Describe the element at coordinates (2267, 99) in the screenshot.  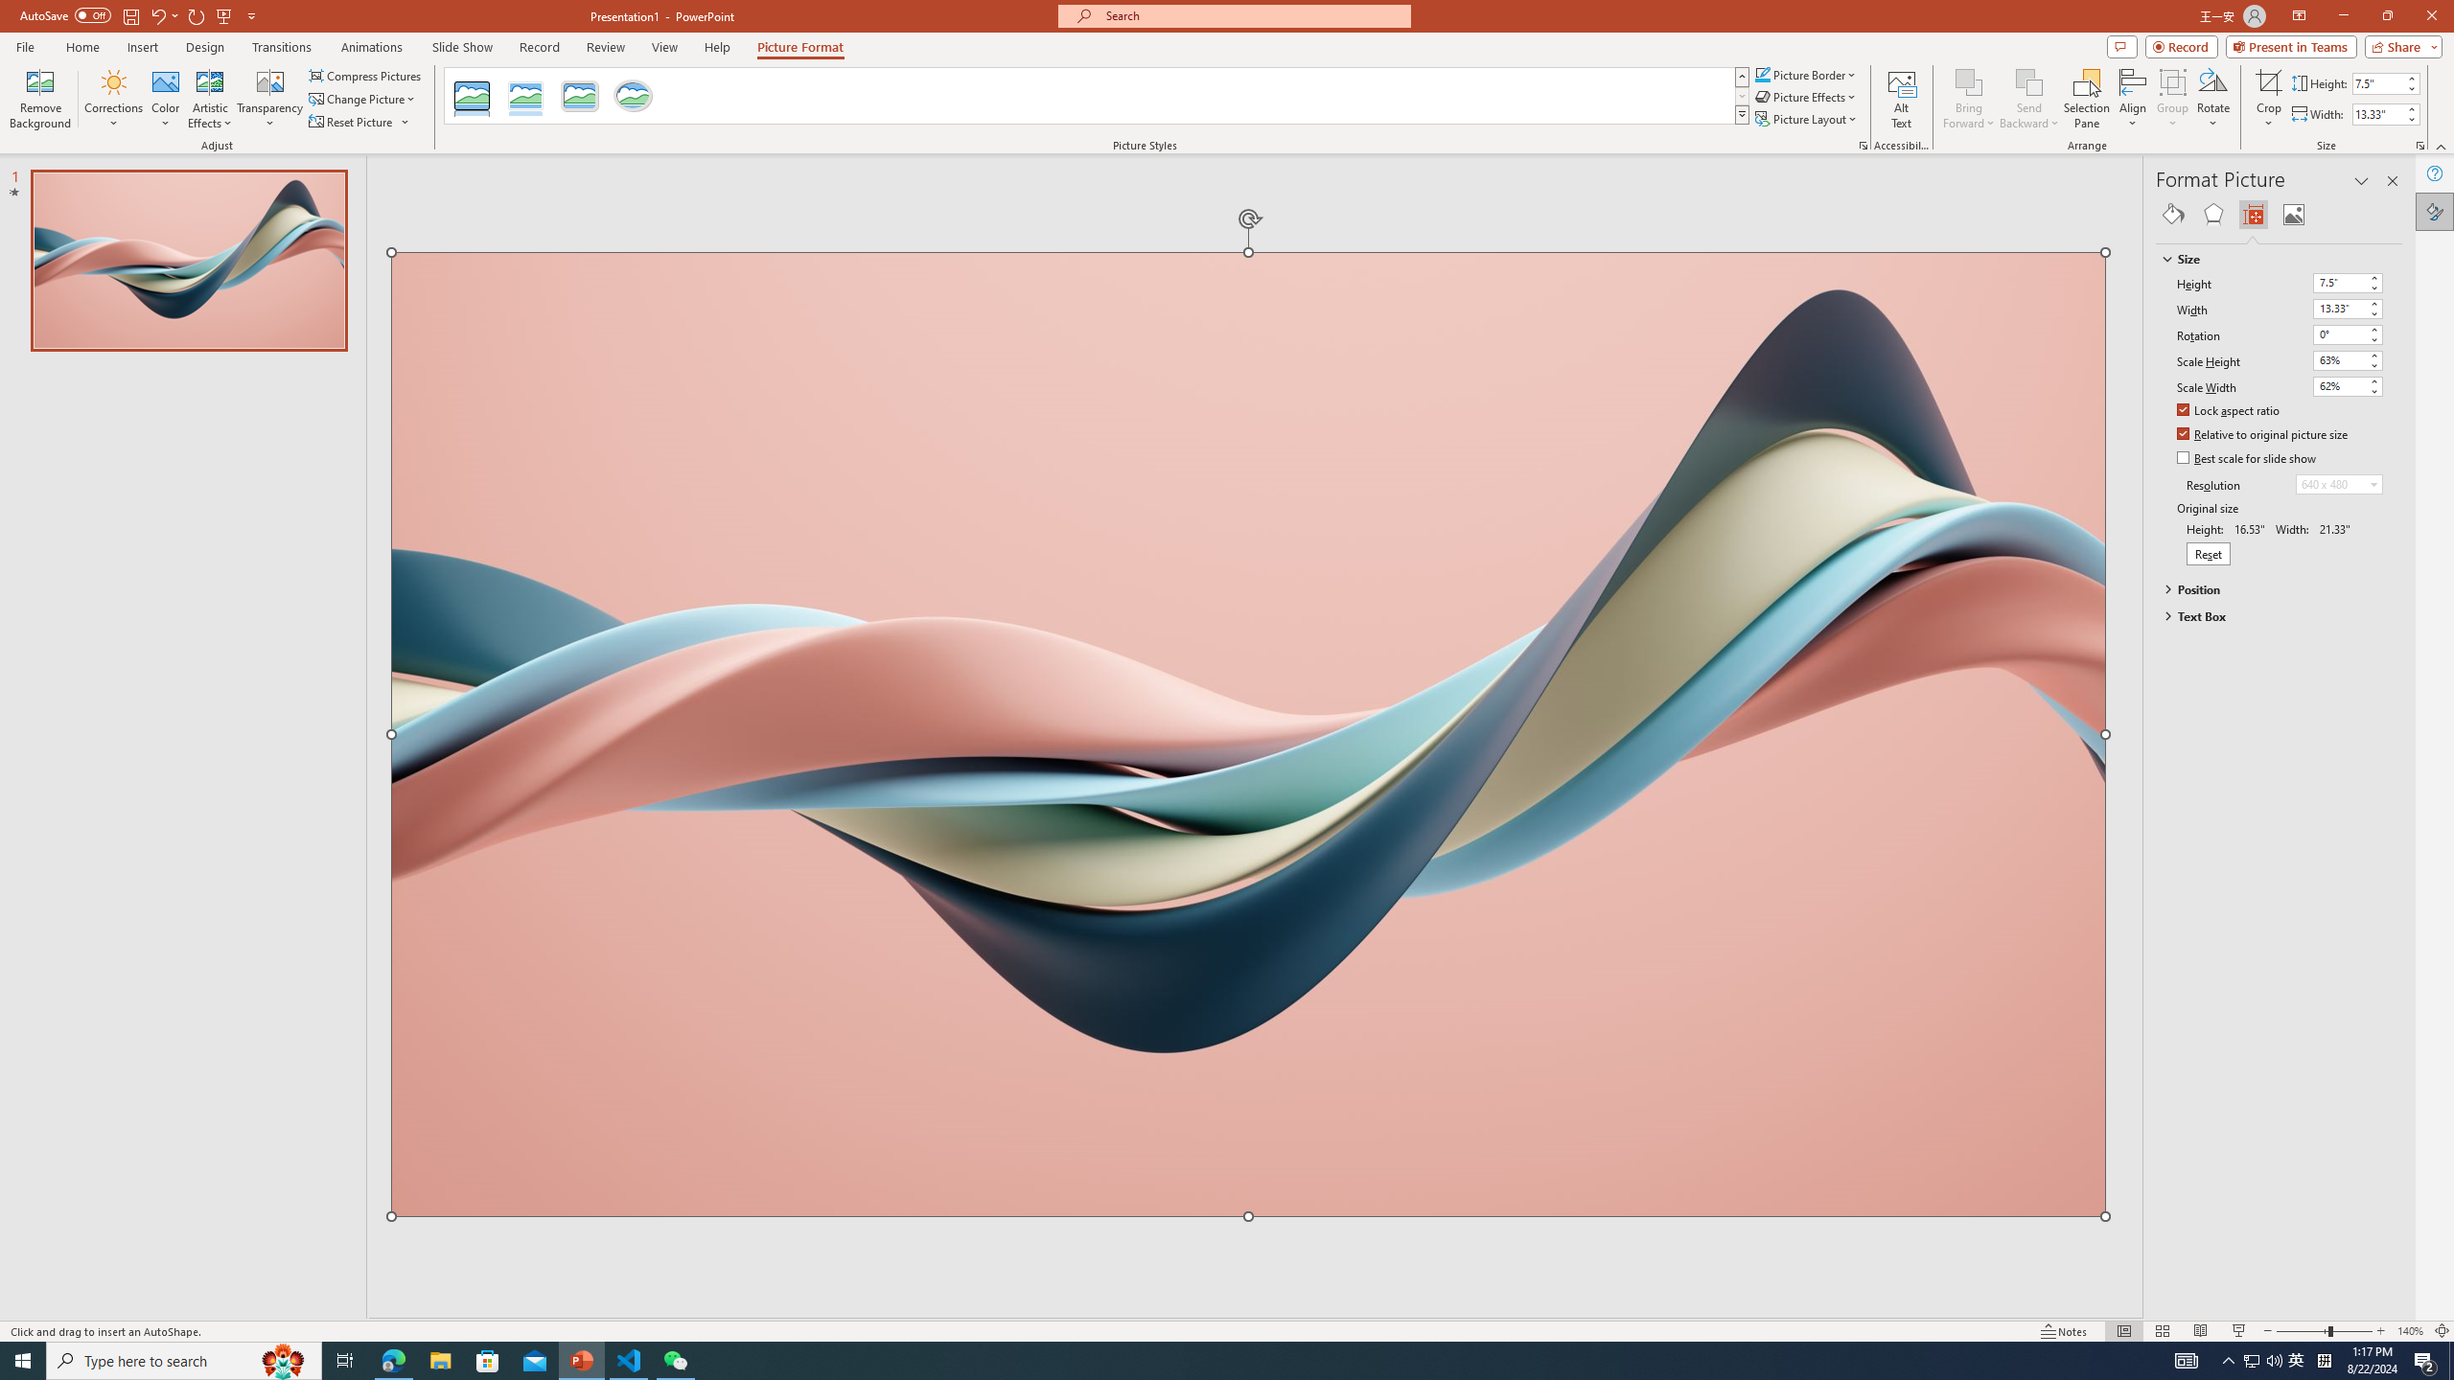
I see `'Crop'` at that location.